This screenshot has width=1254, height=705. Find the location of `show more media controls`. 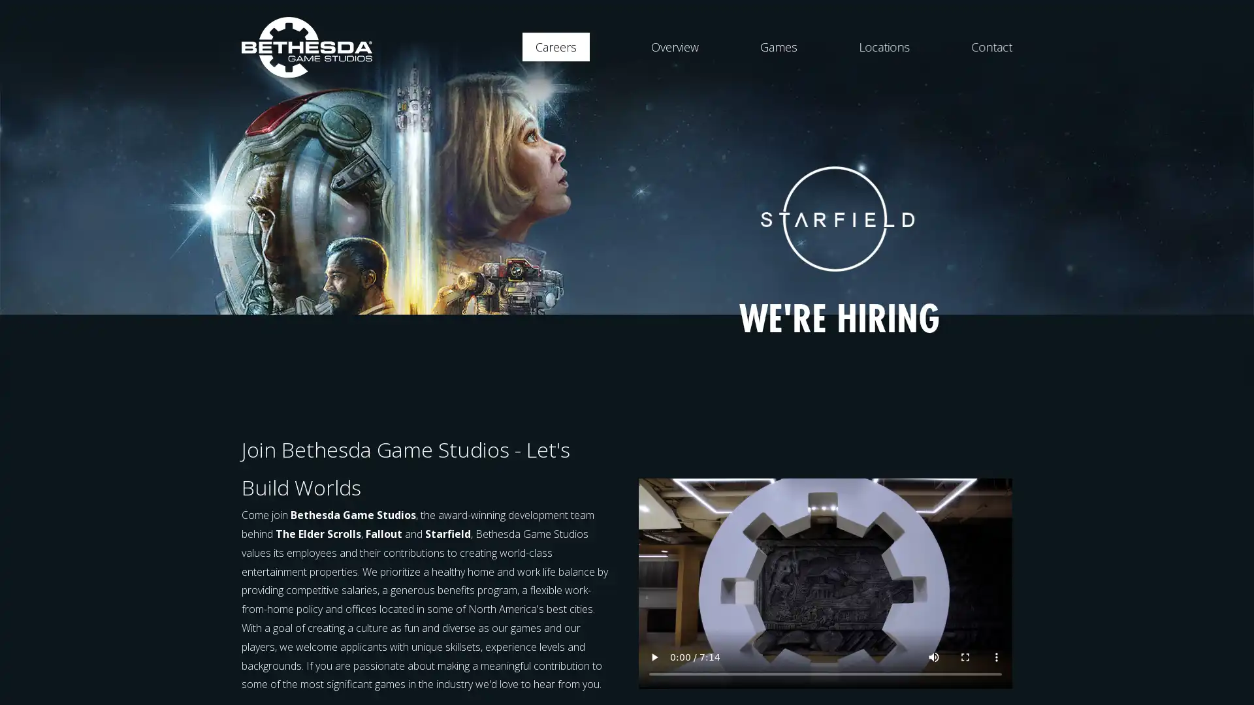

show more media controls is located at coordinates (996, 657).